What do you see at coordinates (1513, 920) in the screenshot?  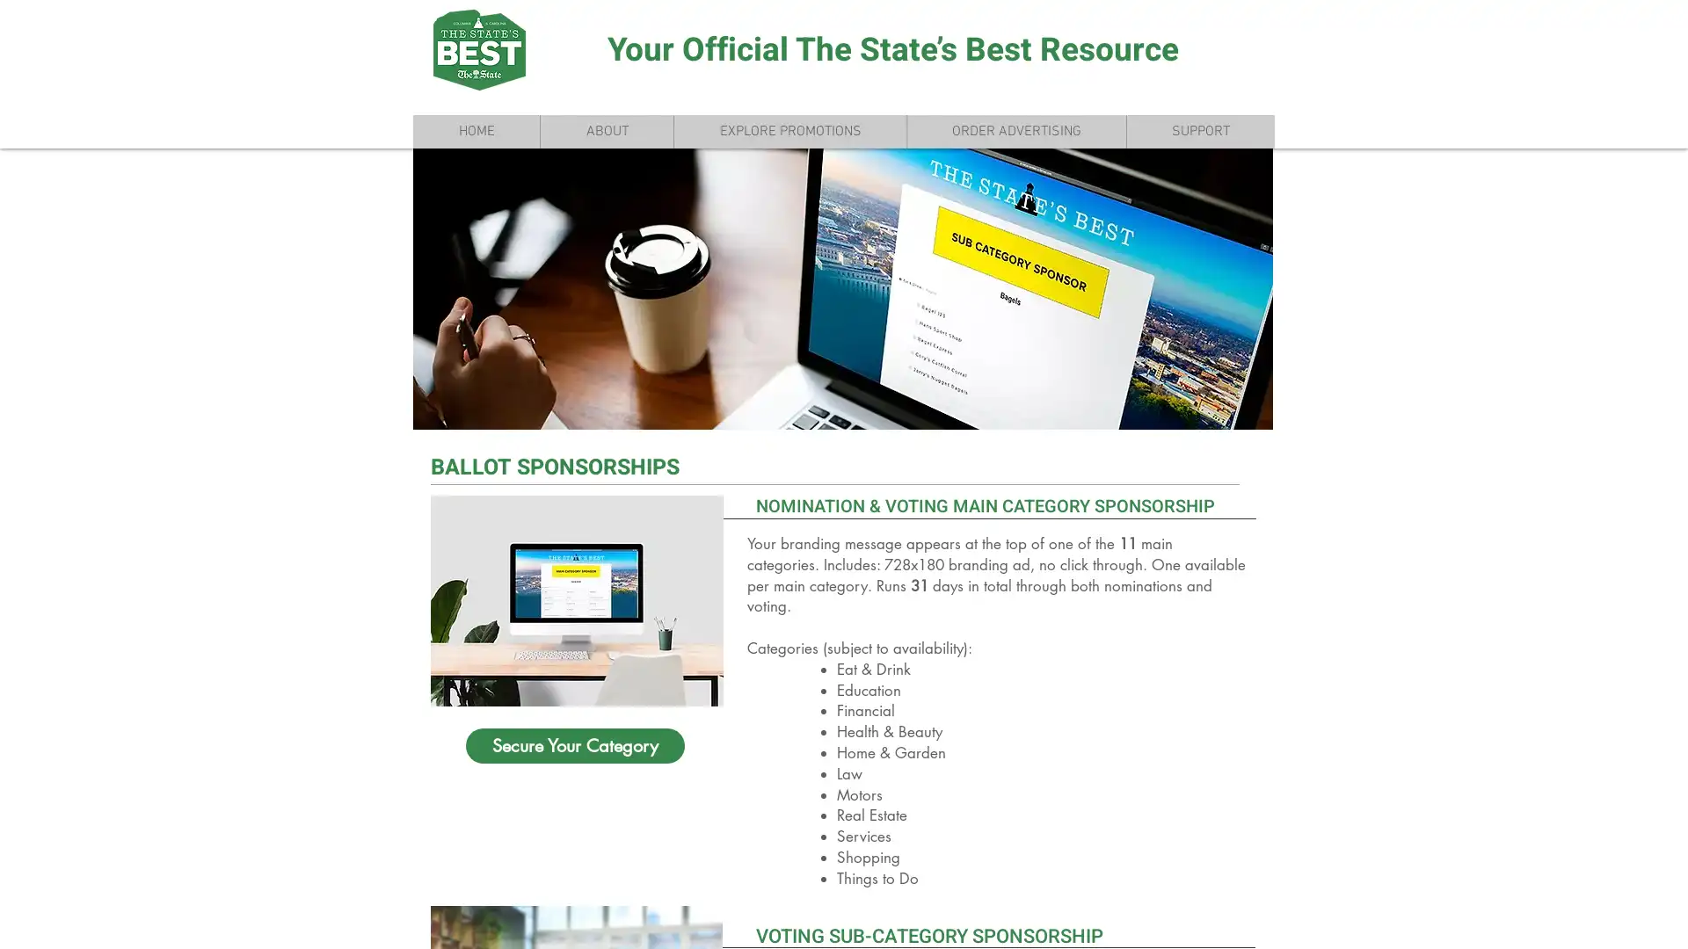 I see `Decline All` at bounding box center [1513, 920].